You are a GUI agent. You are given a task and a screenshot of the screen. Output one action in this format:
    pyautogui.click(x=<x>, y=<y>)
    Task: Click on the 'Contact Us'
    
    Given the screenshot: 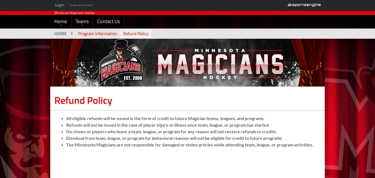 What is the action you would take?
    pyautogui.click(x=97, y=30)
    